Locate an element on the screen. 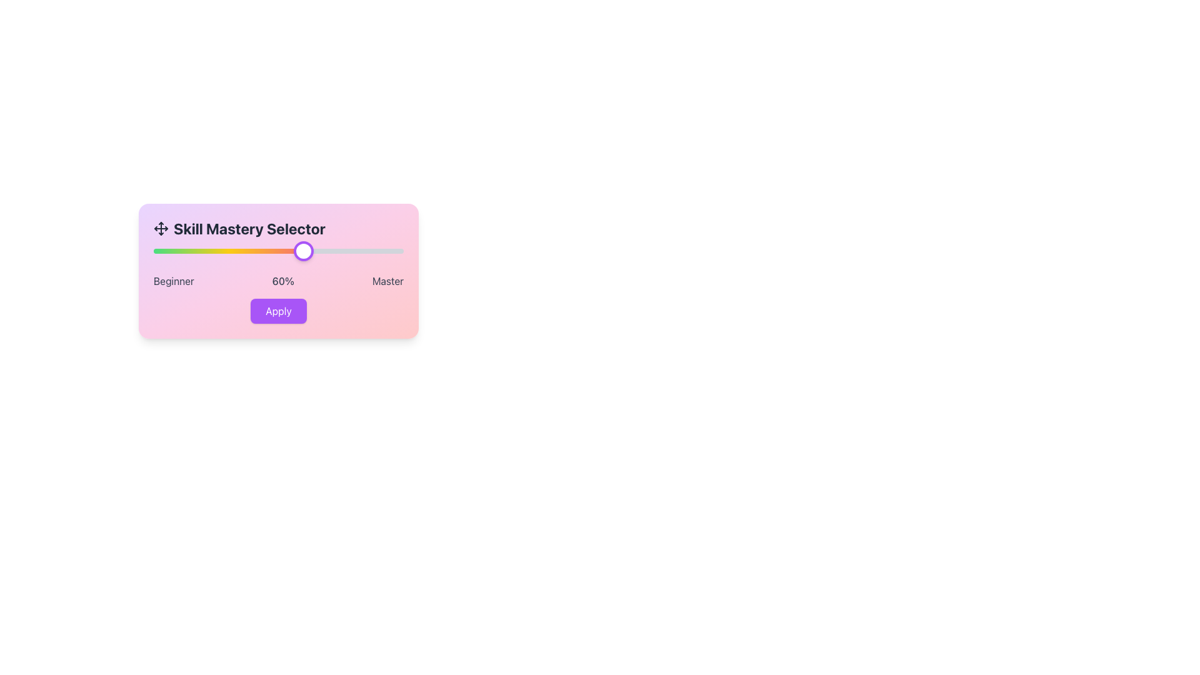 The width and height of the screenshot is (1200, 675). the Skill Mastery level is located at coordinates (249, 251).